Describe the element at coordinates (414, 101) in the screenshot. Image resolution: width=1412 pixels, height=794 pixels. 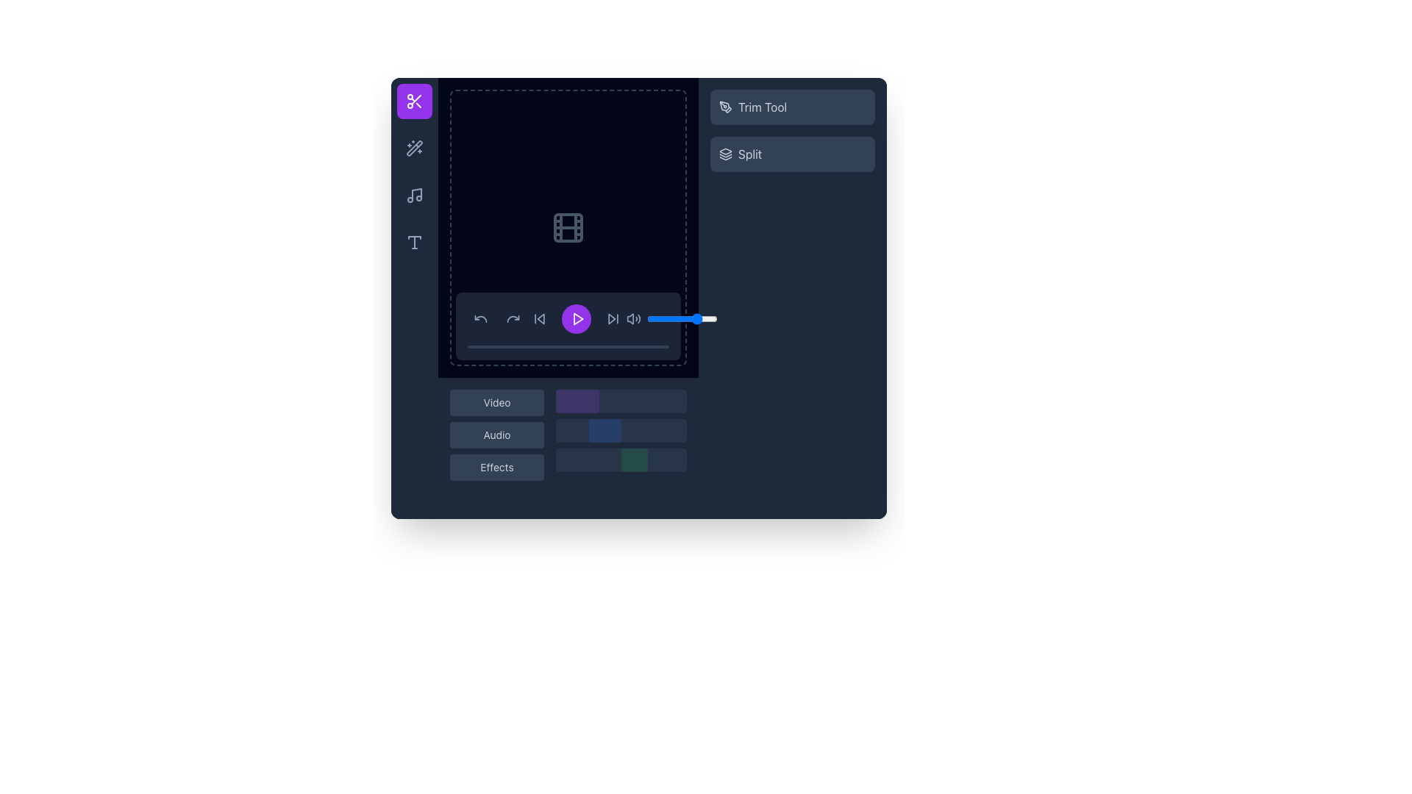
I see `the cutting tool icon button located in the top-left corner of the vertical toolbar` at that location.